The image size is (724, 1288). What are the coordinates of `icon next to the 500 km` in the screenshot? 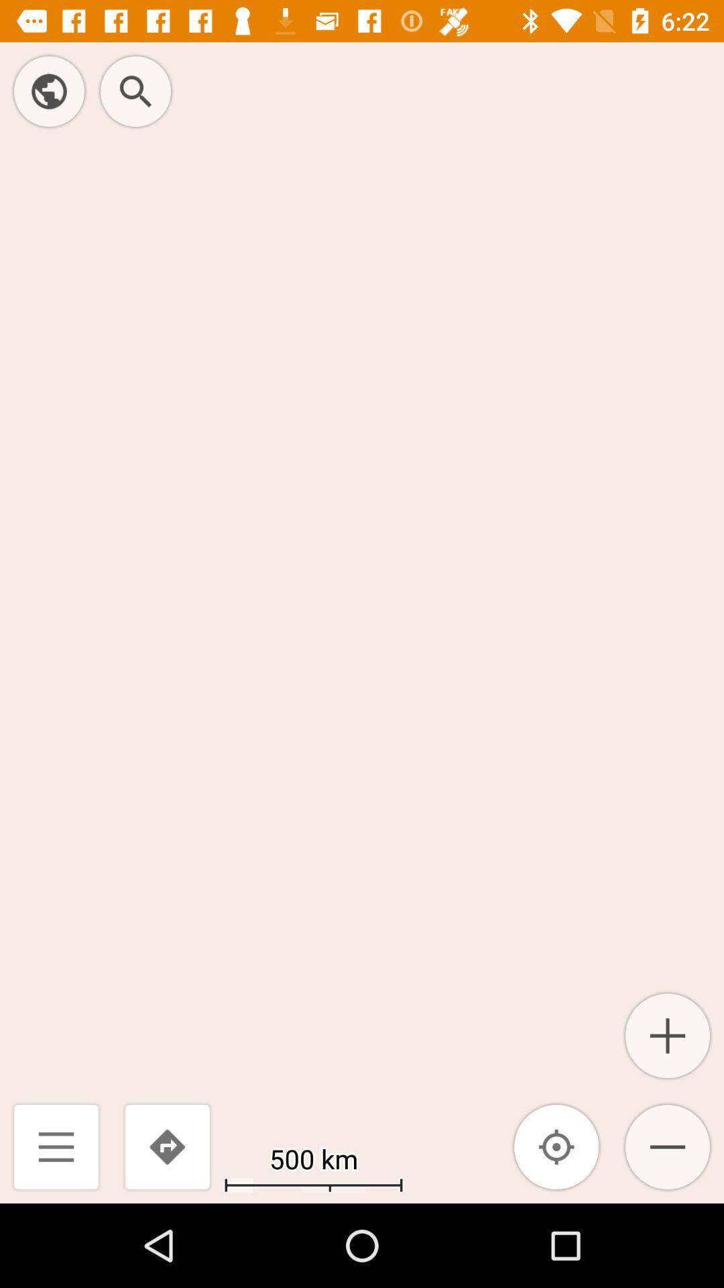 It's located at (166, 1146).